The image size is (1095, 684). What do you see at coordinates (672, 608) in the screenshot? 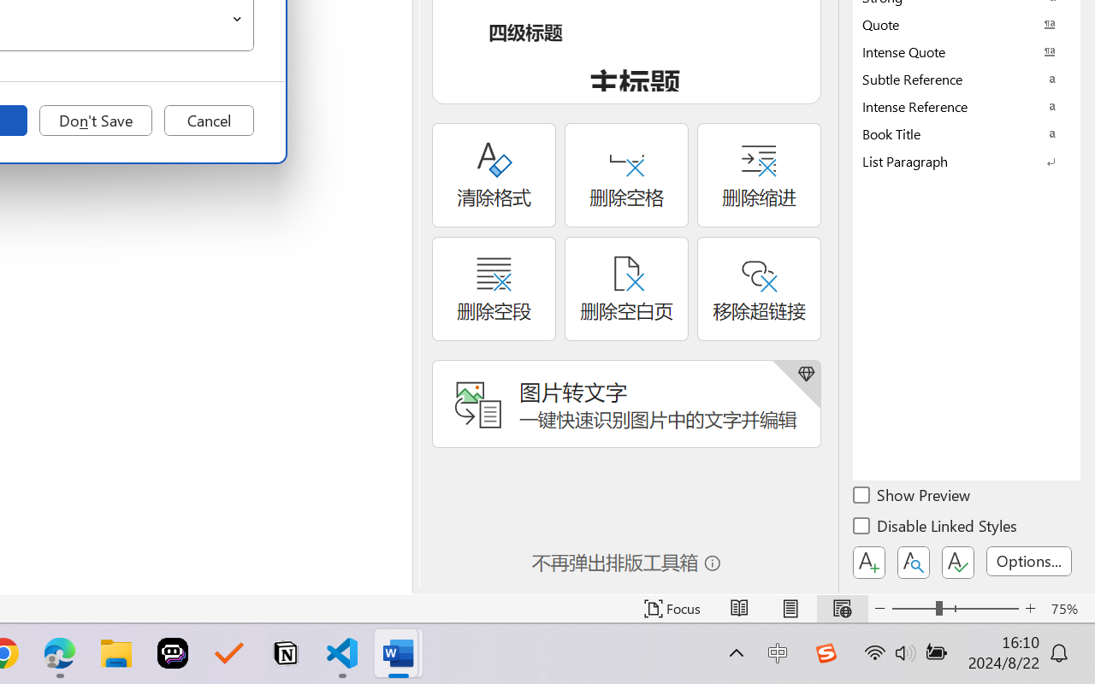
I see `'Focus '` at bounding box center [672, 608].